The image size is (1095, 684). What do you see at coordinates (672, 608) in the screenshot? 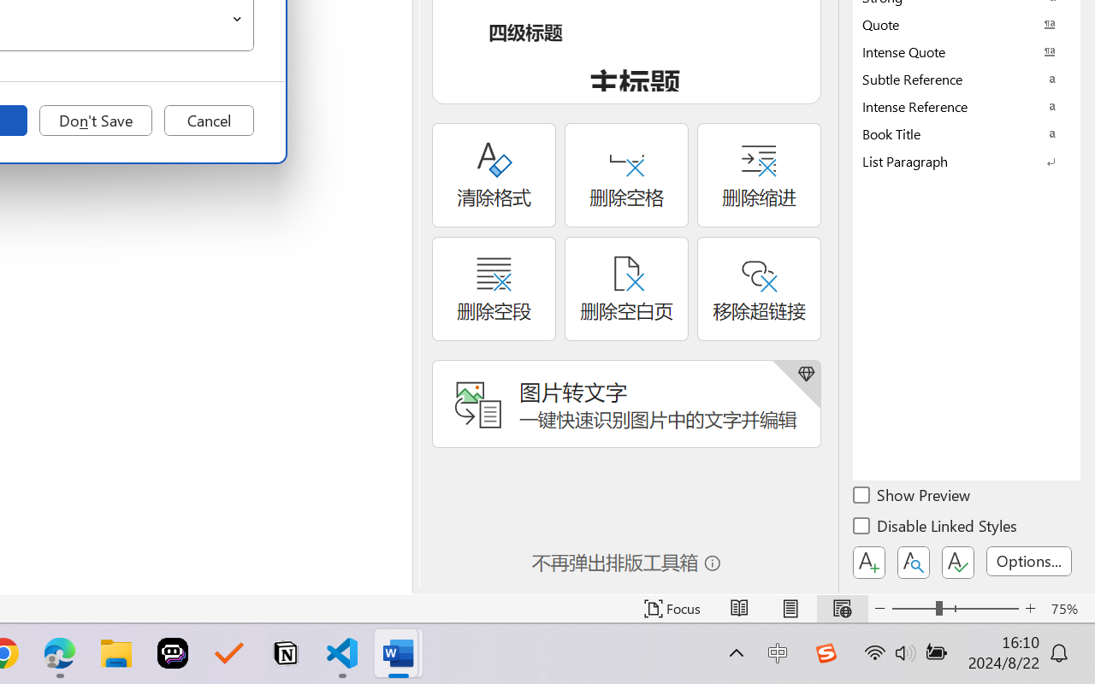
I see `'Focus '` at bounding box center [672, 608].